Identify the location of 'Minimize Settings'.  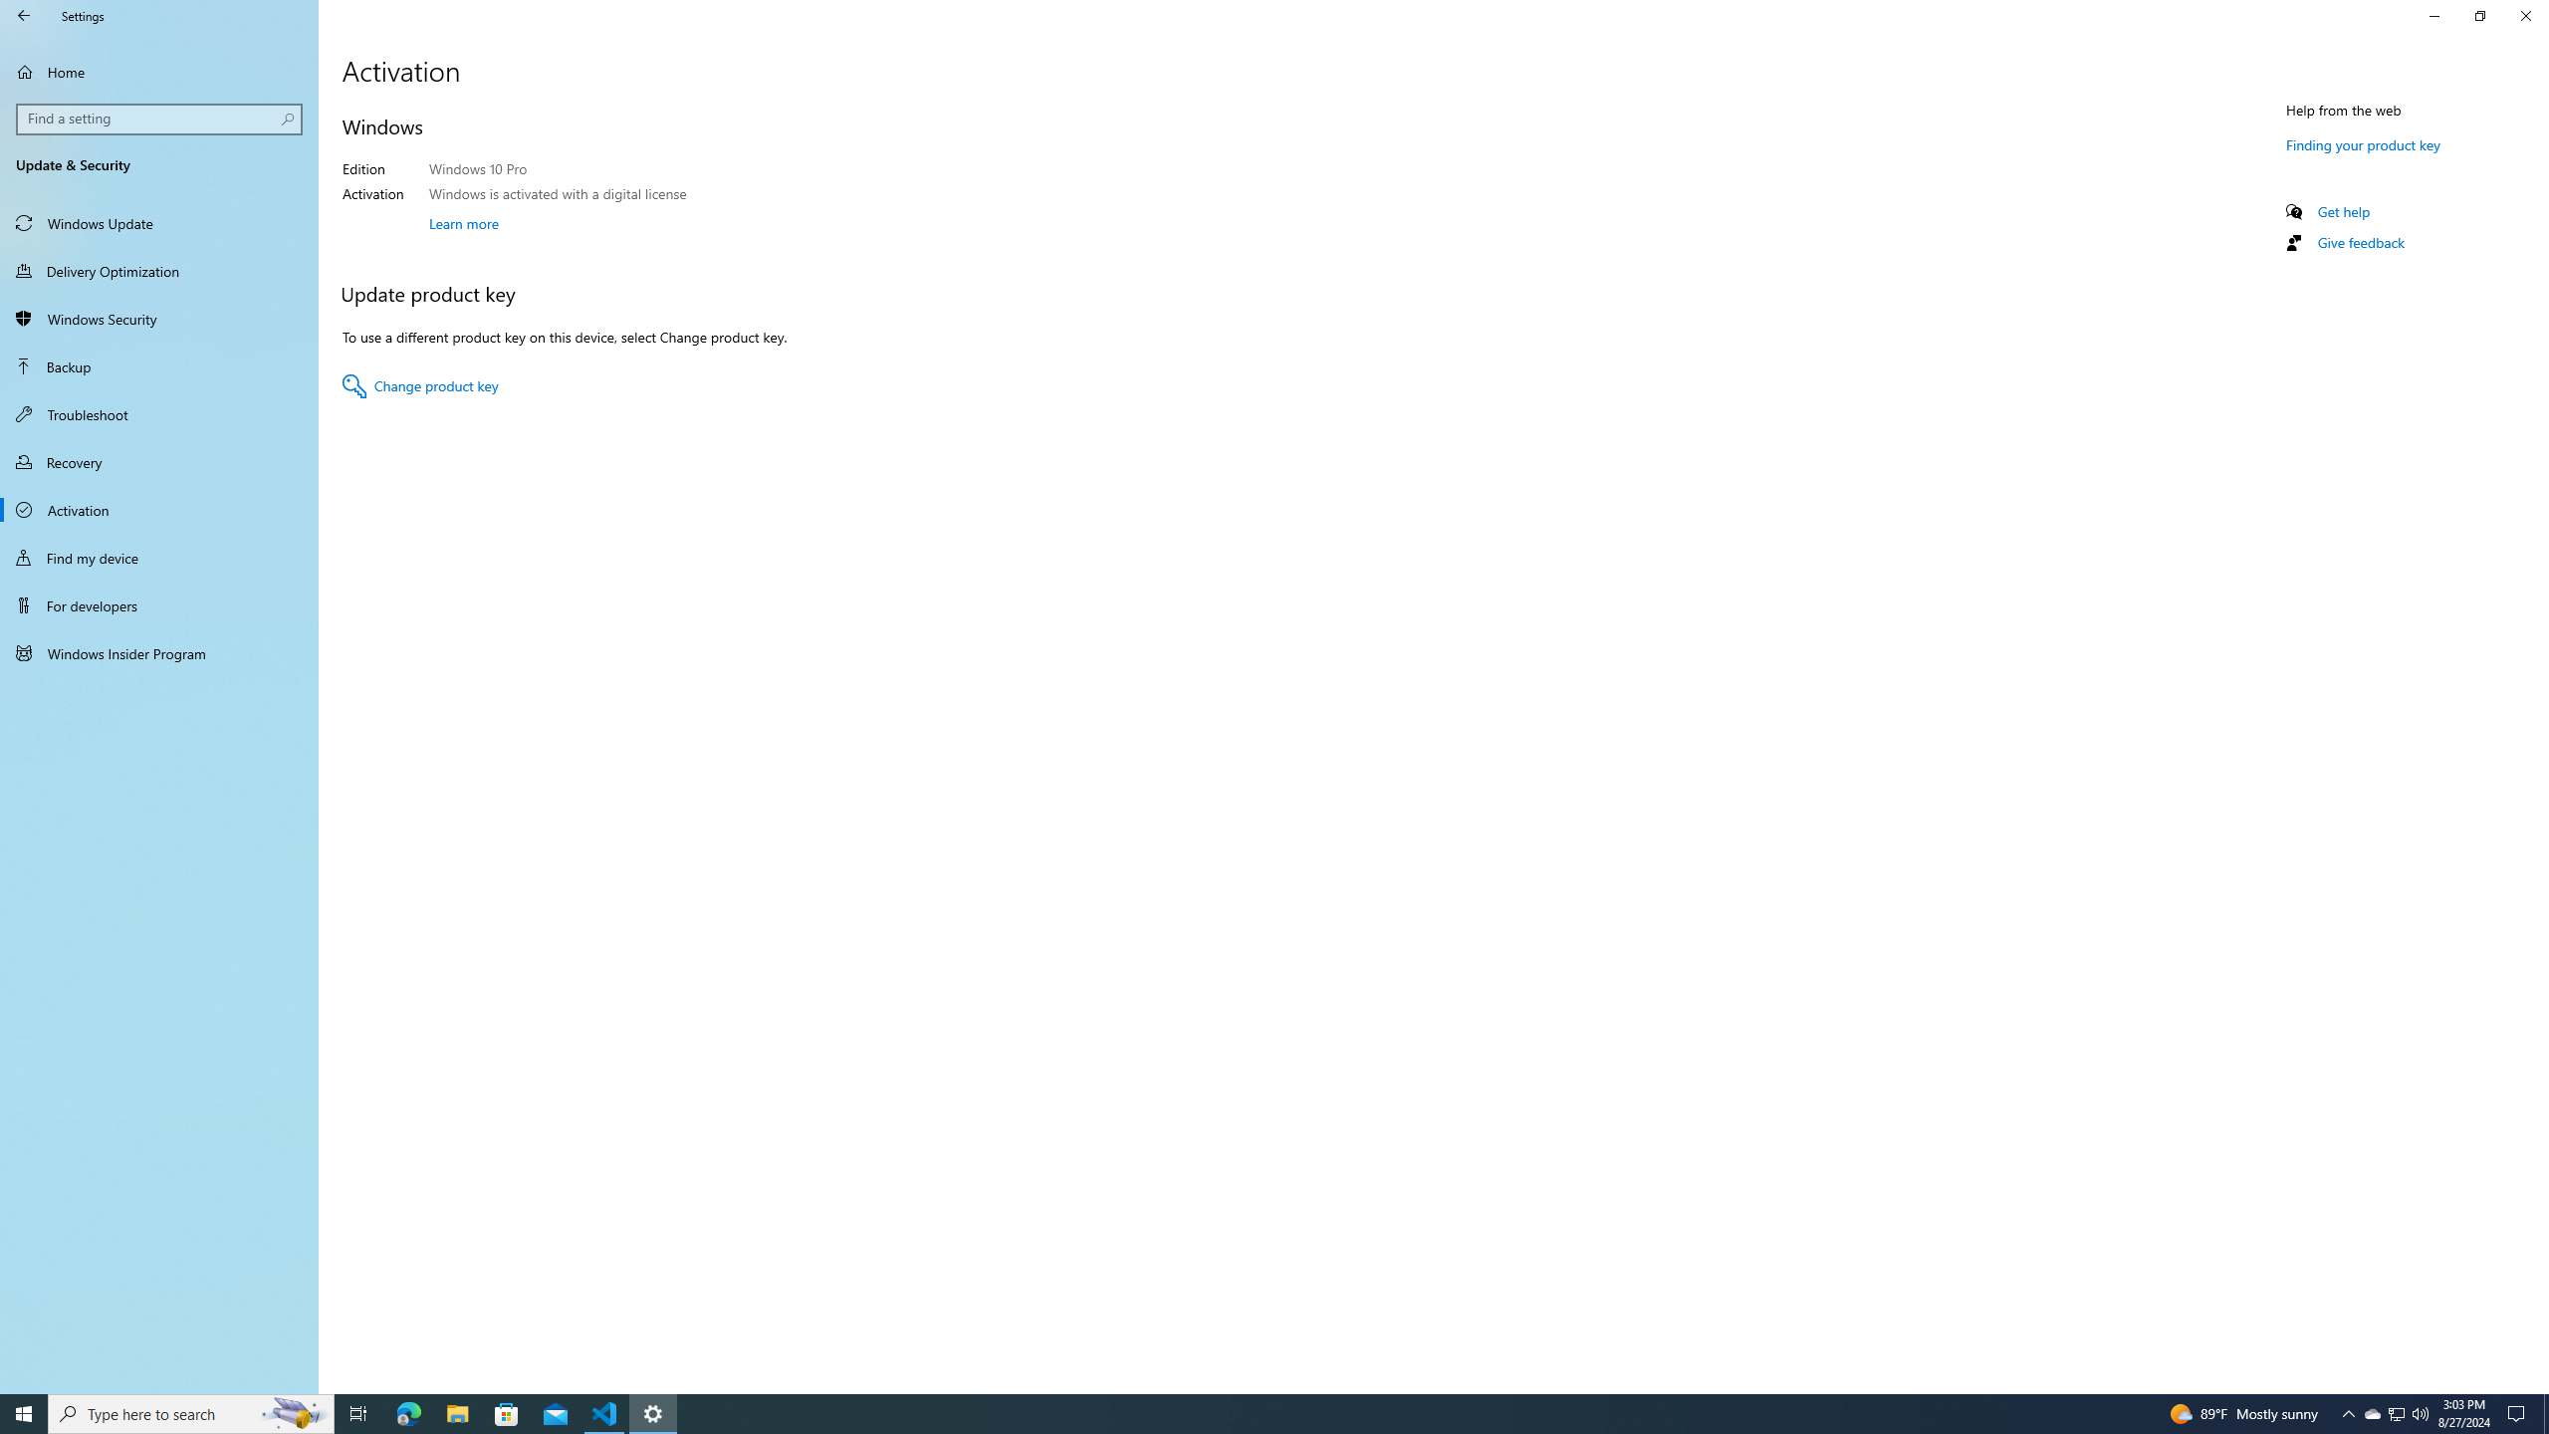
(2433, 15).